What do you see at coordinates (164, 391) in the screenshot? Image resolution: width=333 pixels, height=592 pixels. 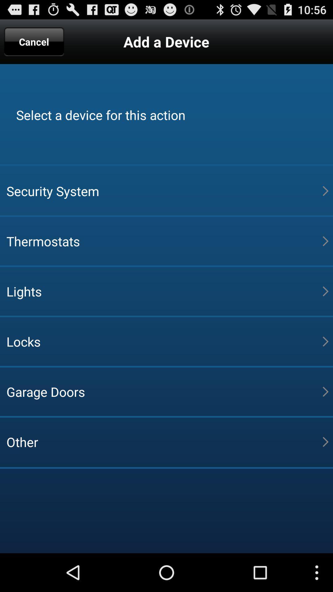 I see `app below the locks item` at bounding box center [164, 391].